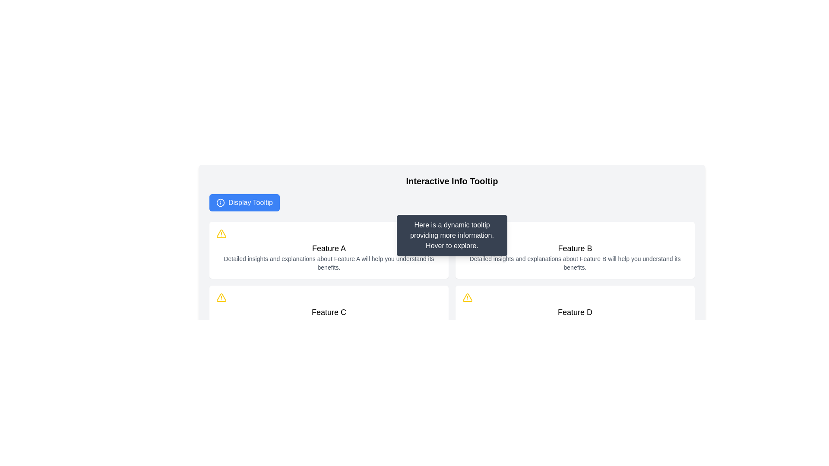  Describe the element at coordinates (221, 233) in the screenshot. I see `the yellow triangular icon with rounded edges and an exclamation mark located in the bottom left corner of the 'Feature C' section` at that location.